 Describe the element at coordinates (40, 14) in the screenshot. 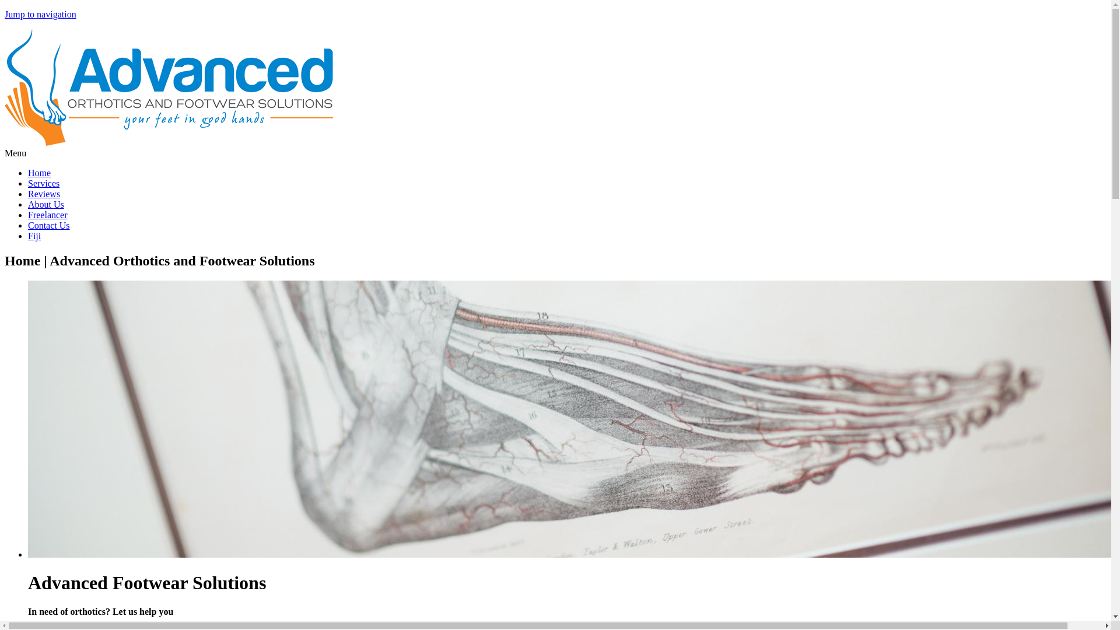

I see `'Jump to navigation'` at that location.